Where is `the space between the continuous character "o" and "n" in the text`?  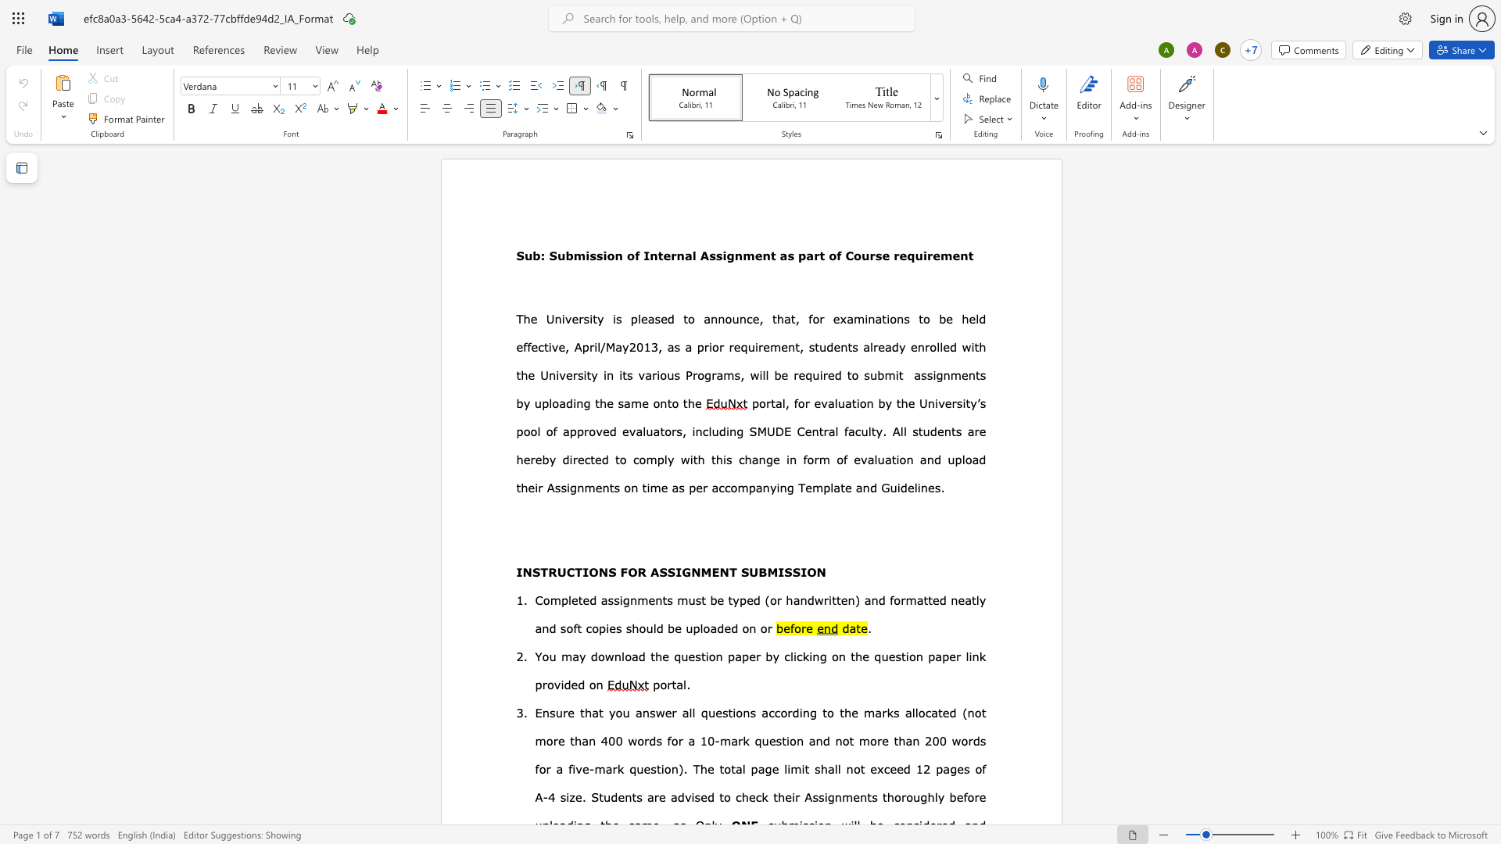 the space between the continuous character "o" and "n" in the text is located at coordinates (614, 255).